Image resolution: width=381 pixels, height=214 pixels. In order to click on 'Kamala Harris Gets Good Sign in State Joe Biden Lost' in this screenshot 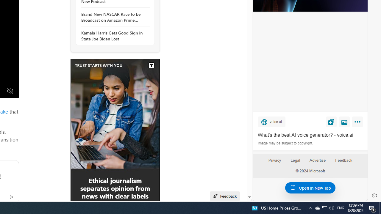, I will do `click(113, 36)`.